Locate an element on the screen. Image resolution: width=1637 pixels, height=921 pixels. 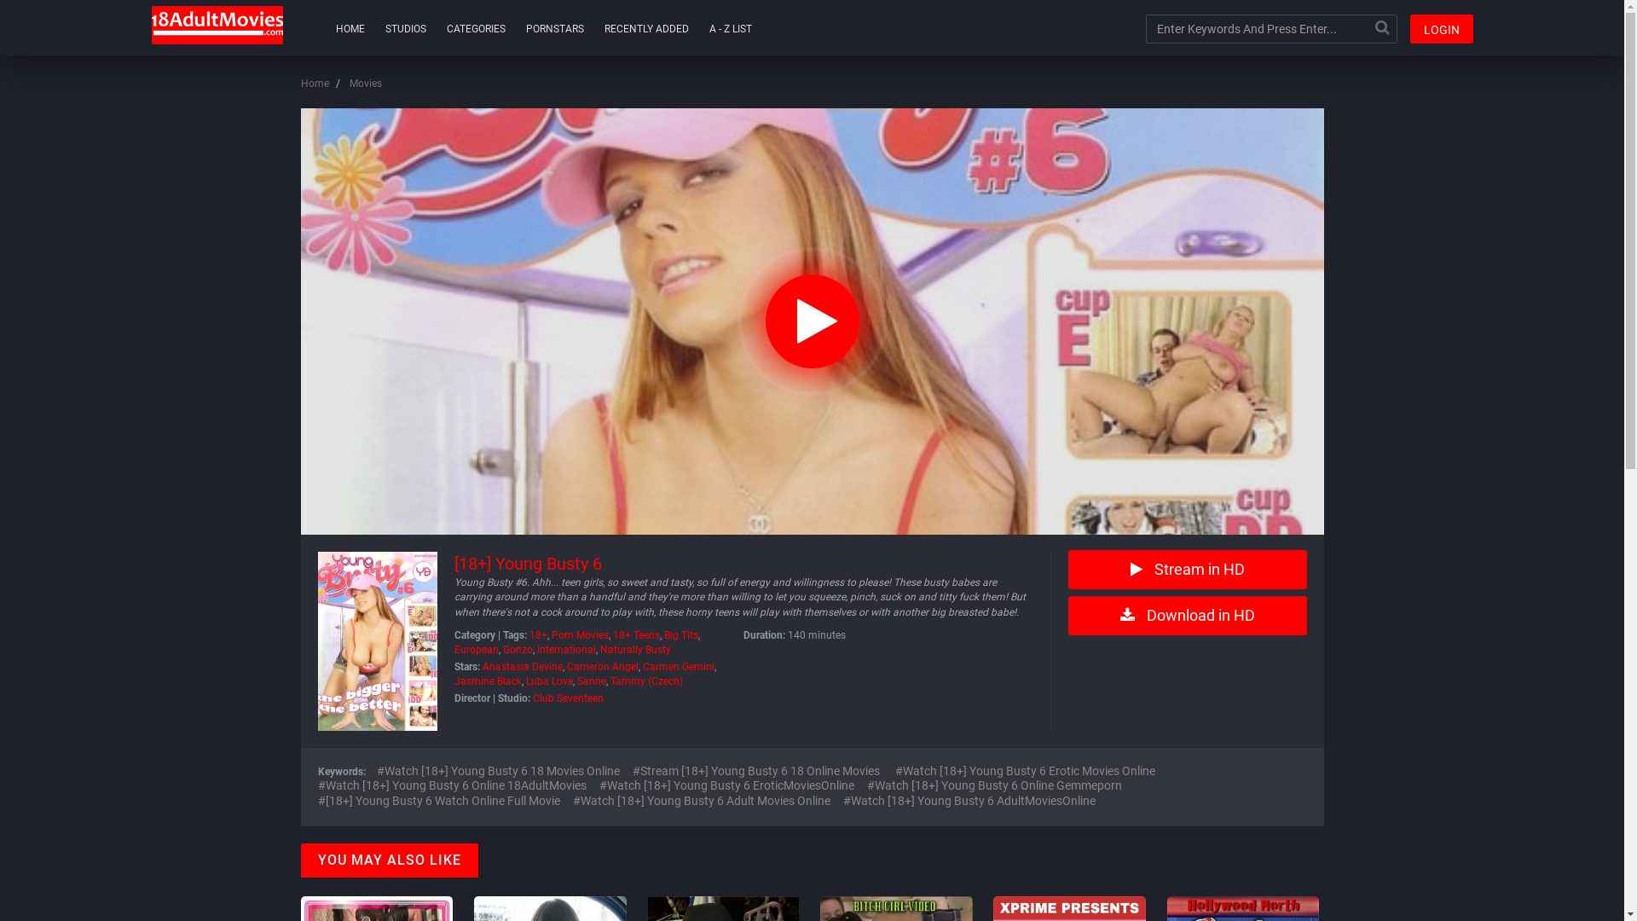
'Watch [18+] Young Busty 6 18 Movies Online' is located at coordinates (497, 772).